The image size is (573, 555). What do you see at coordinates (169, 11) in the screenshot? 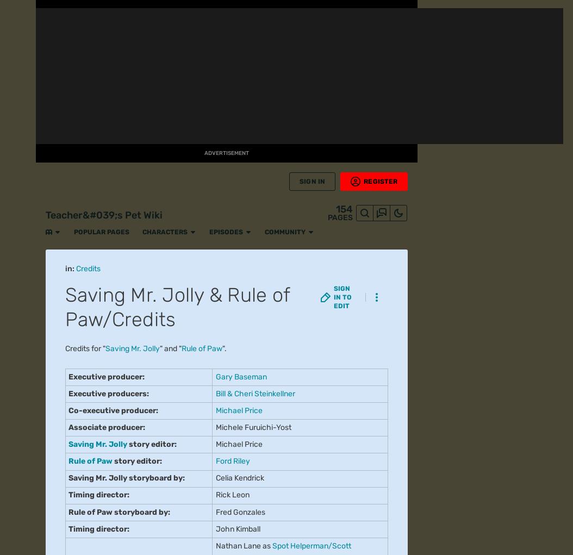
I see `'Episodes'` at bounding box center [169, 11].